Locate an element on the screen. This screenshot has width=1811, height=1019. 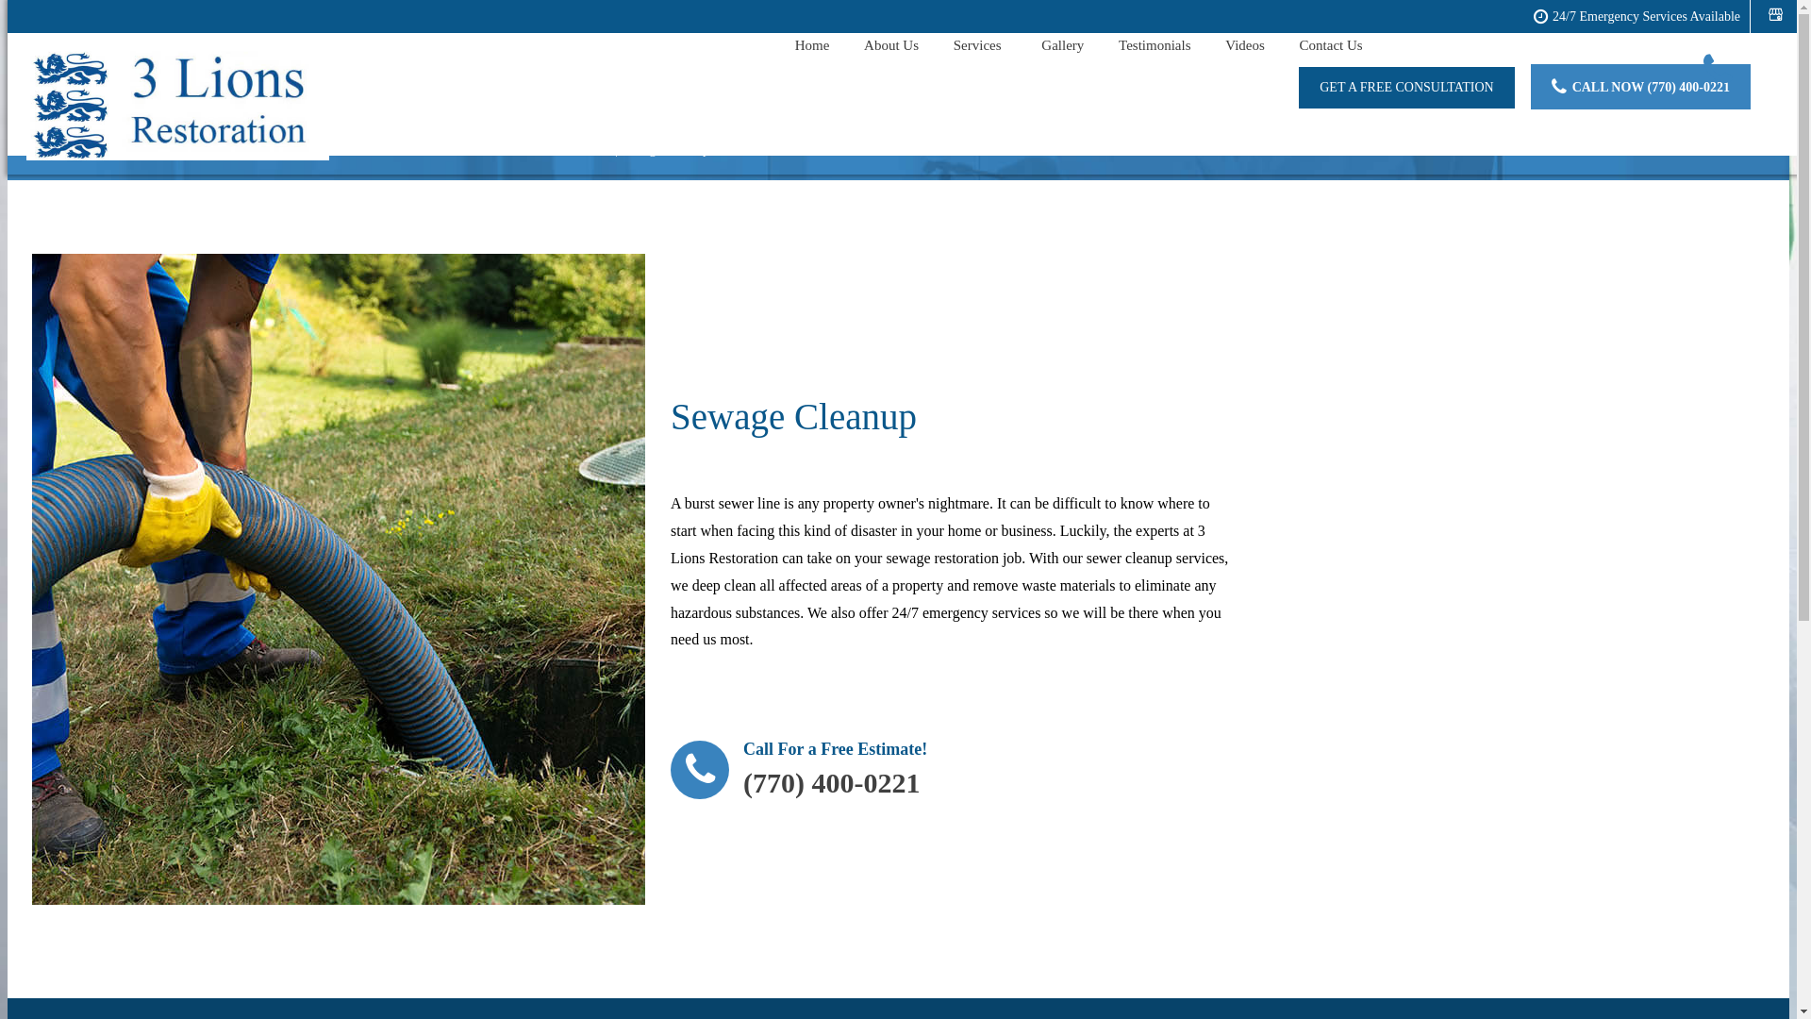
'Home' is located at coordinates (812, 45).